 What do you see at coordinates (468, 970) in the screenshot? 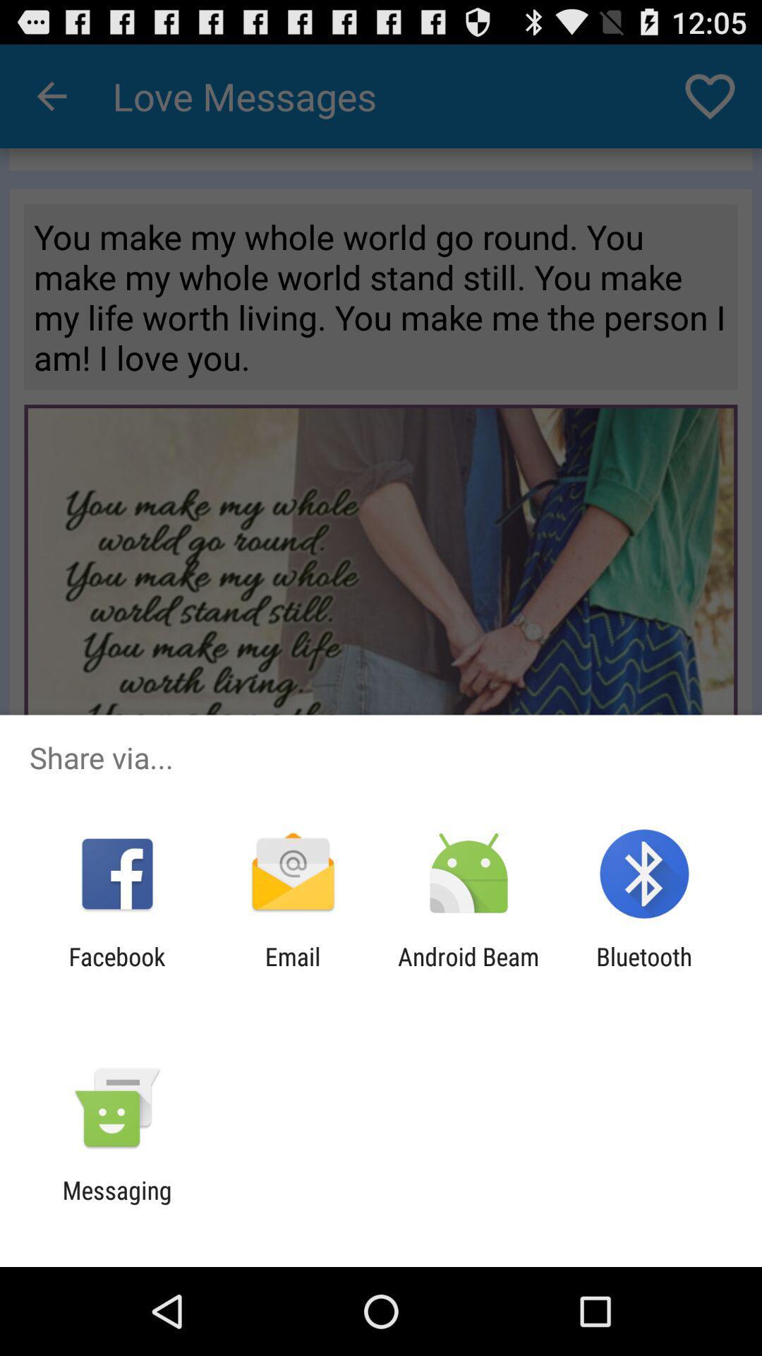
I see `icon to the right of email app` at bounding box center [468, 970].